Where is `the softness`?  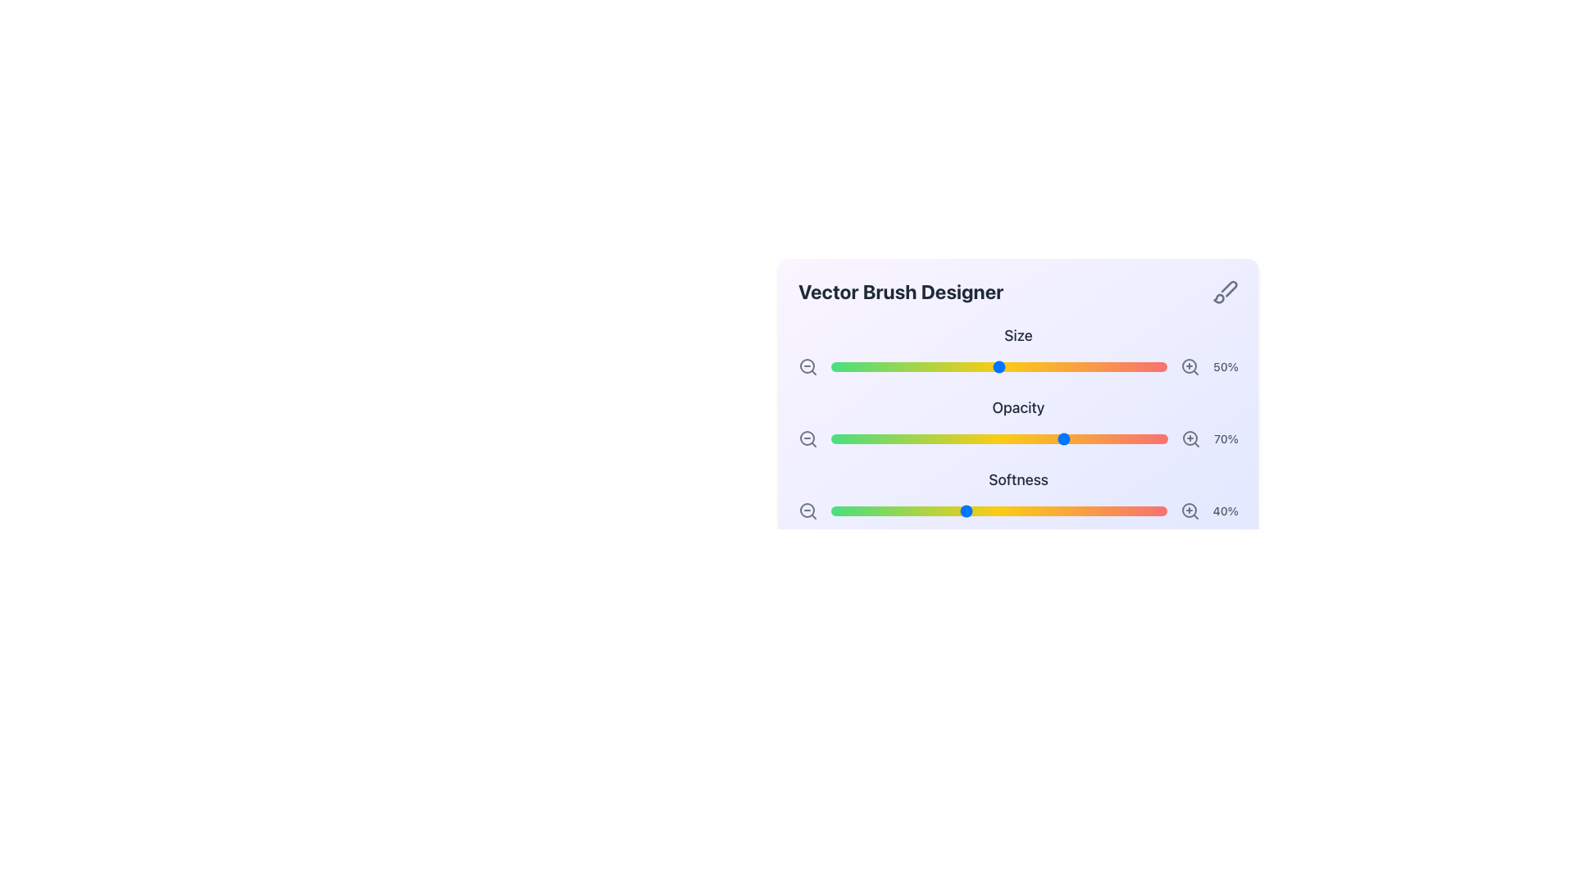
the softness is located at coordinates (1014, 511).